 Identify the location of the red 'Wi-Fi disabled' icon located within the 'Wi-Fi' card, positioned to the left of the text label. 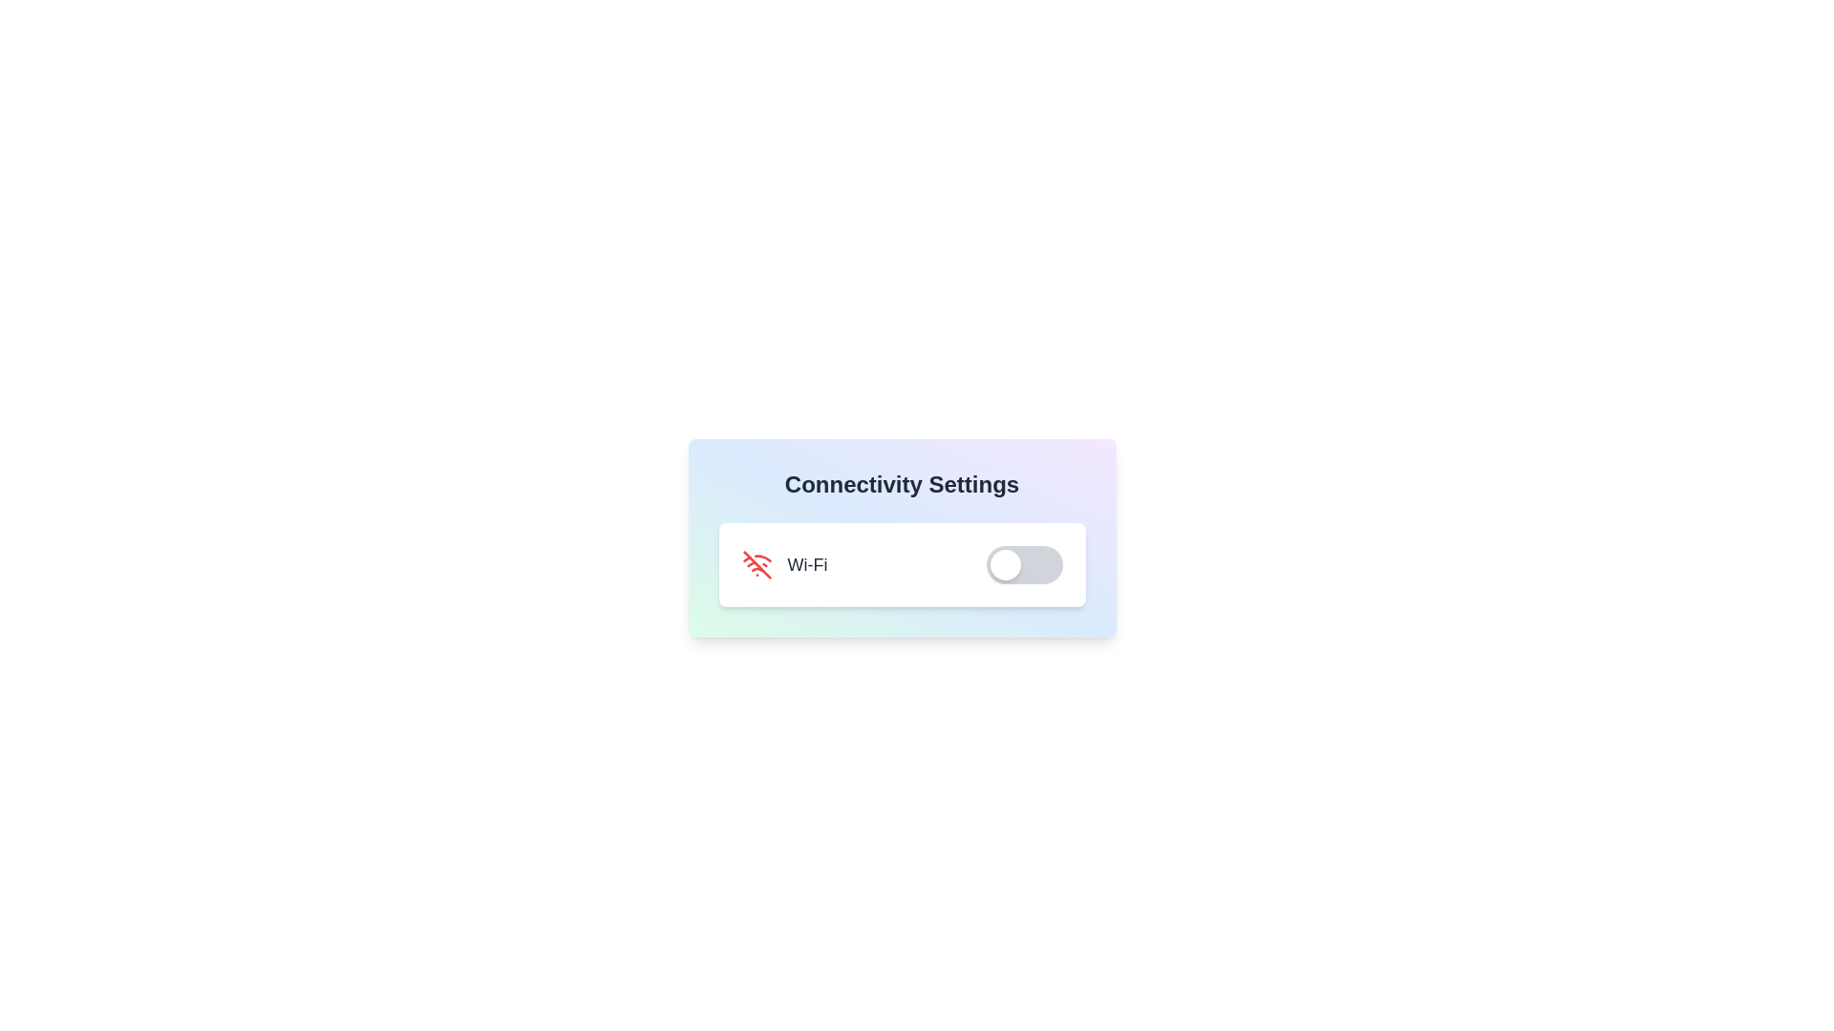
(756, 563).